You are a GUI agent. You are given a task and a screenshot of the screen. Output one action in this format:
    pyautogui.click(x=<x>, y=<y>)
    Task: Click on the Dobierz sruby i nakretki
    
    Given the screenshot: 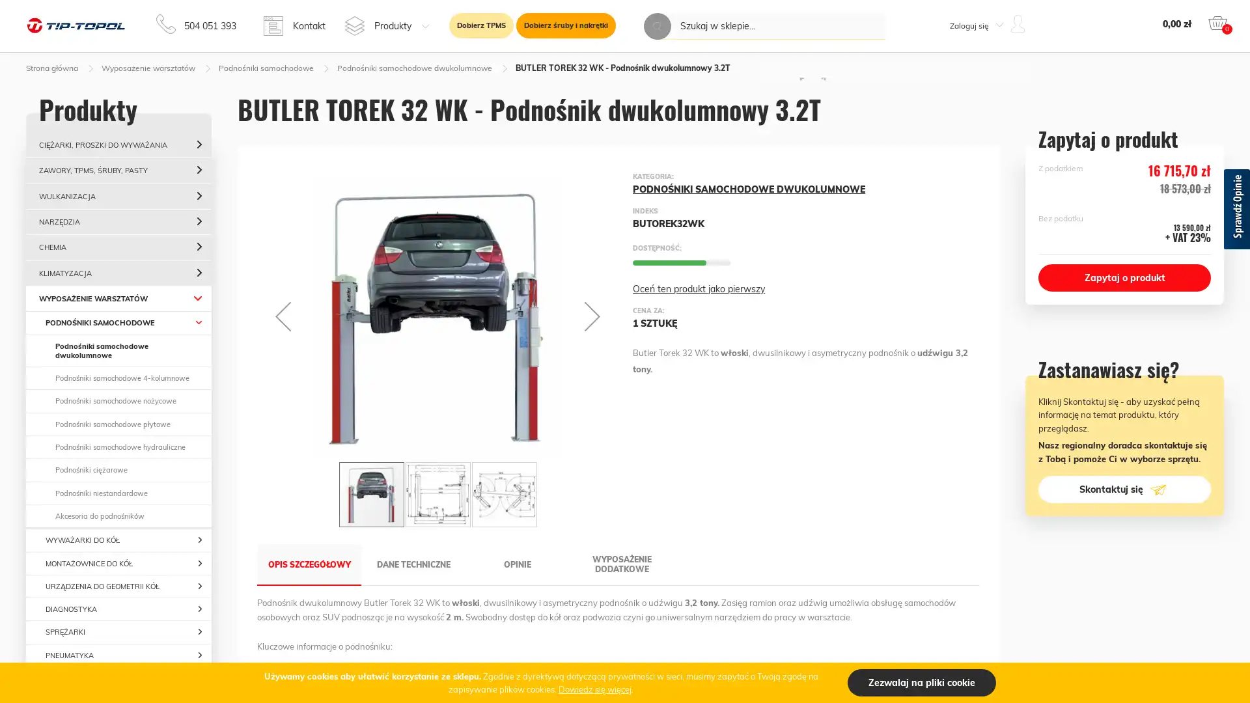 What is the action you would take?
    pyautogui.click(x=566, y=25)
    